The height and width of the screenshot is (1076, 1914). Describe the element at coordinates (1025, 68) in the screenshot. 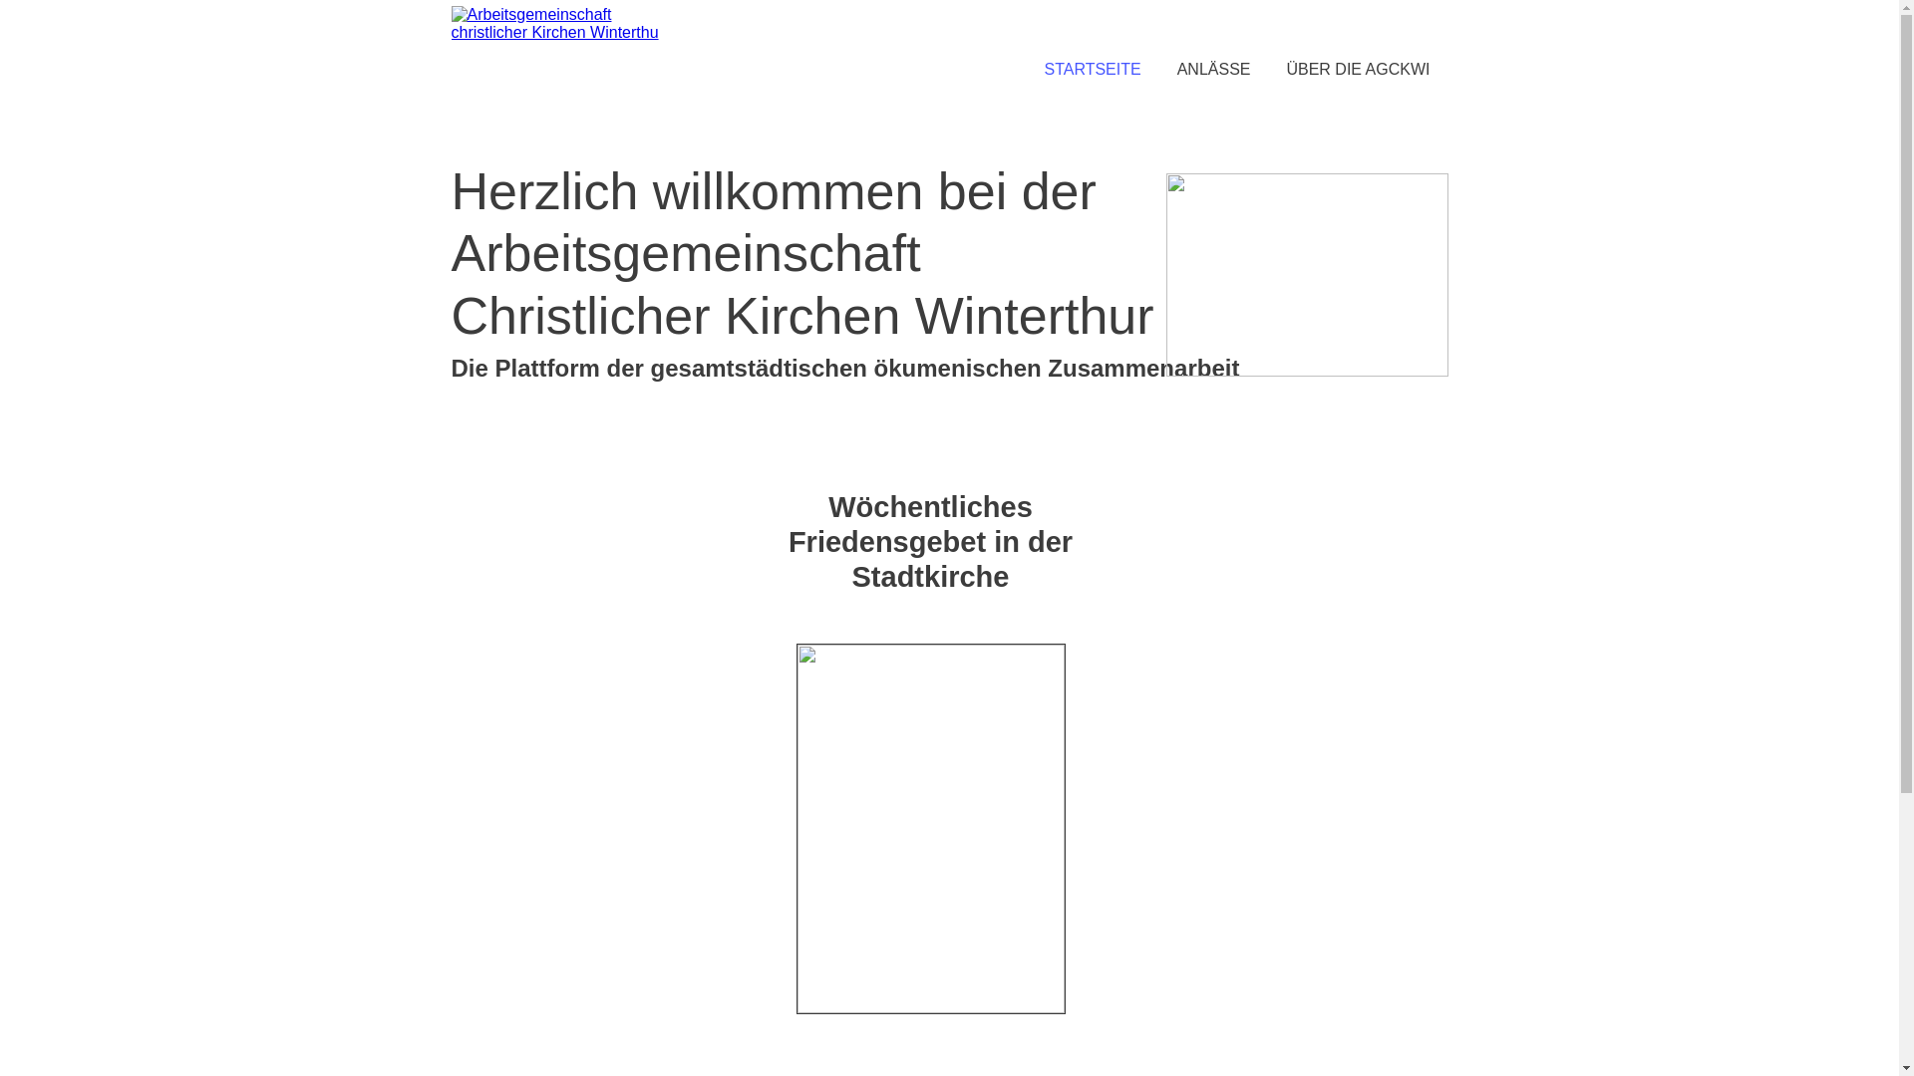

I see `'STARTSEITE'` at that location.